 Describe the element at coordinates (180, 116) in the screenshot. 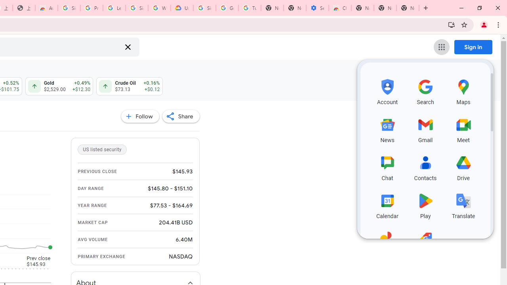

I see `'Share'` at that location.